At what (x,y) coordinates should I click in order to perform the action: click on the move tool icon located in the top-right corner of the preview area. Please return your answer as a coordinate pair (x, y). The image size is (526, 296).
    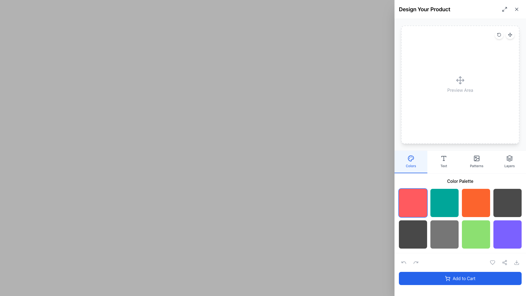
    Looking at the image, I should click on (510, 35).